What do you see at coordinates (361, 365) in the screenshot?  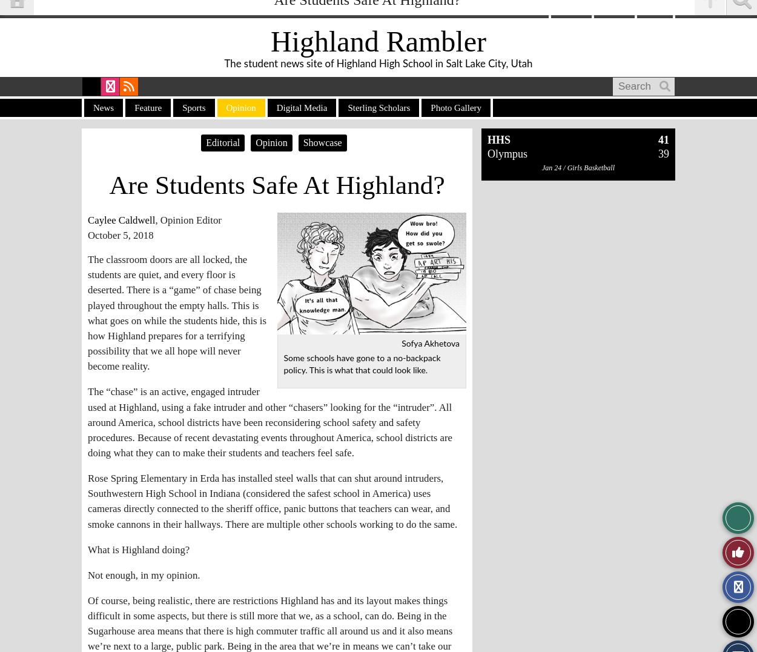 I see `'Some schools have gone to a no-backpack policy. This is what that could look like.'` at bounding box center [361, 365].